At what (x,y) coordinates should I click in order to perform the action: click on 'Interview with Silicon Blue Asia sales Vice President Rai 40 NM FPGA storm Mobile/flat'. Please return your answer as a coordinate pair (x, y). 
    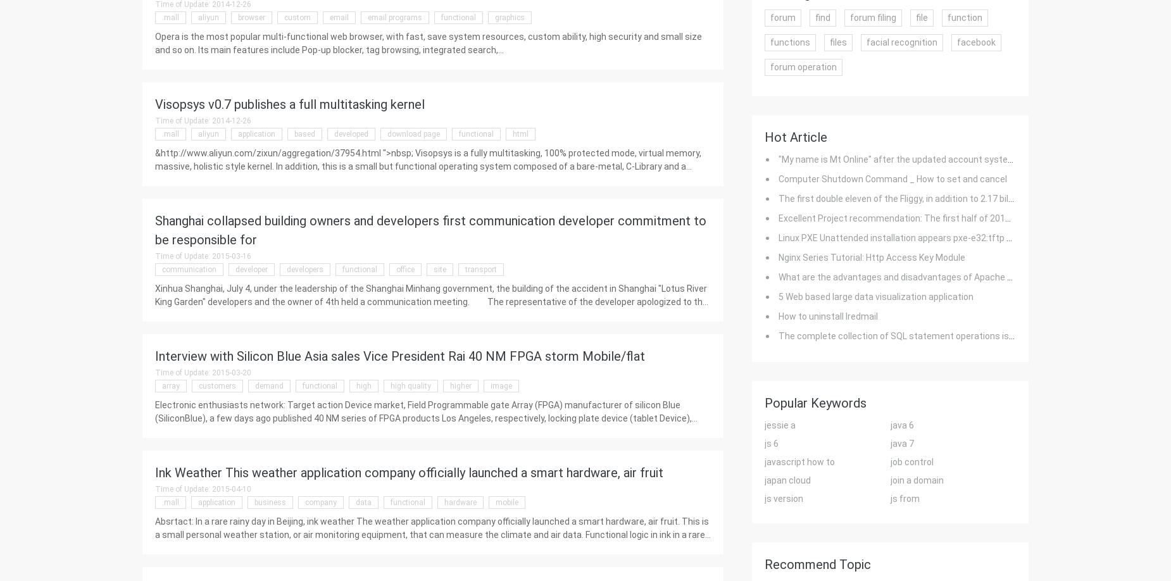
    Looking at the image, I should click on (399, 356).